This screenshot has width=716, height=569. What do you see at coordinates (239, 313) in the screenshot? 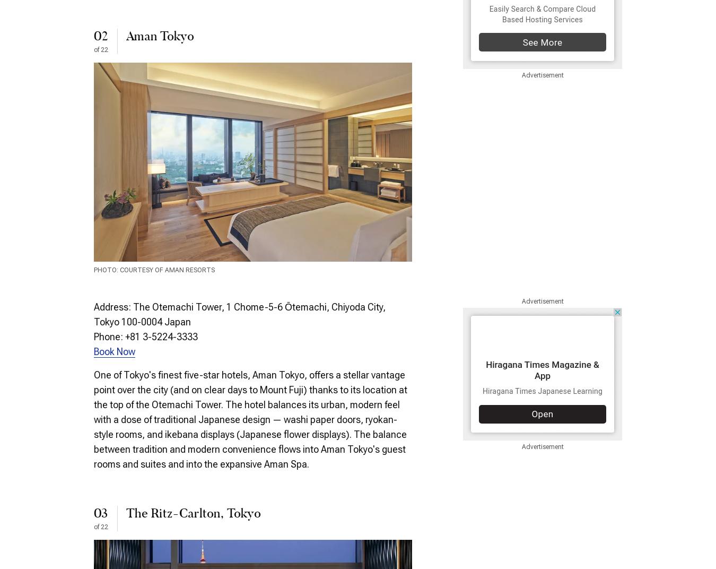
I see `'Address: The Otemachi Tower, 1 Chome-5-6 Ōtemachi, Chiyoda City, Tokyo 100-0004 Japan'` at bounding box center [239, 313].